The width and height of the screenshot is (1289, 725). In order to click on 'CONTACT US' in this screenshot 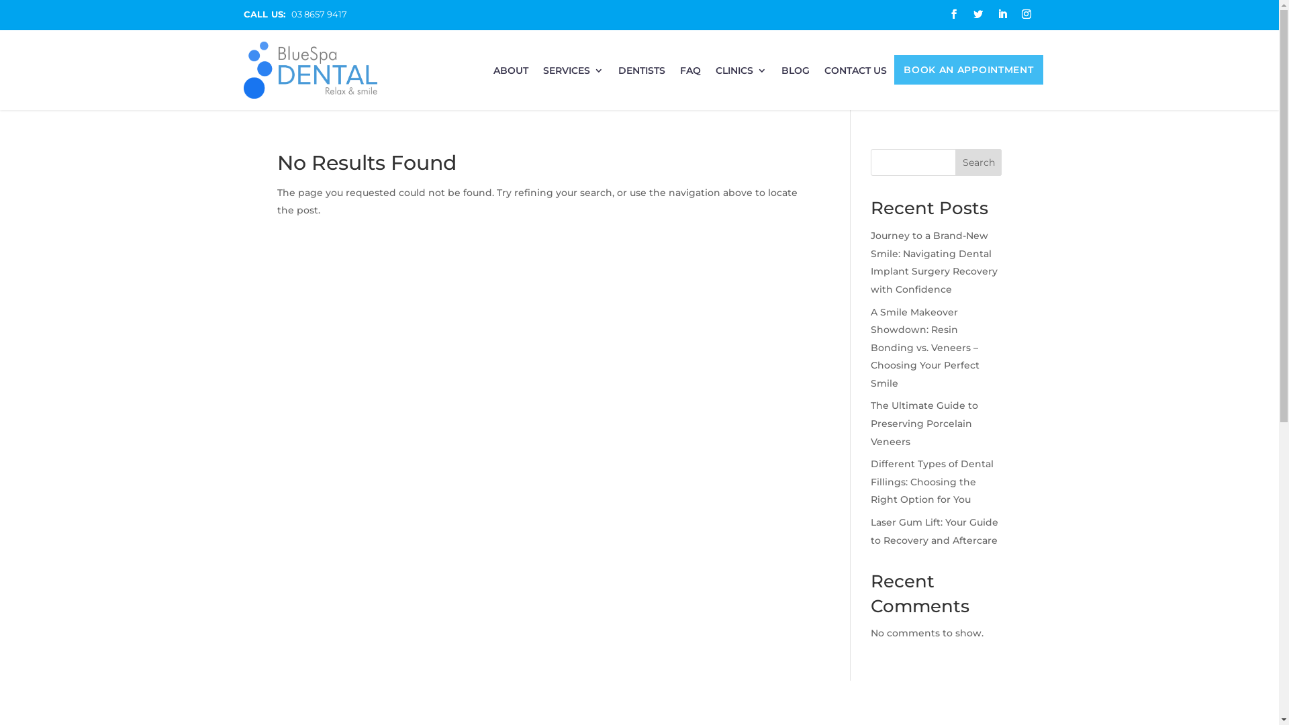, I will do `click(855, 75)`.